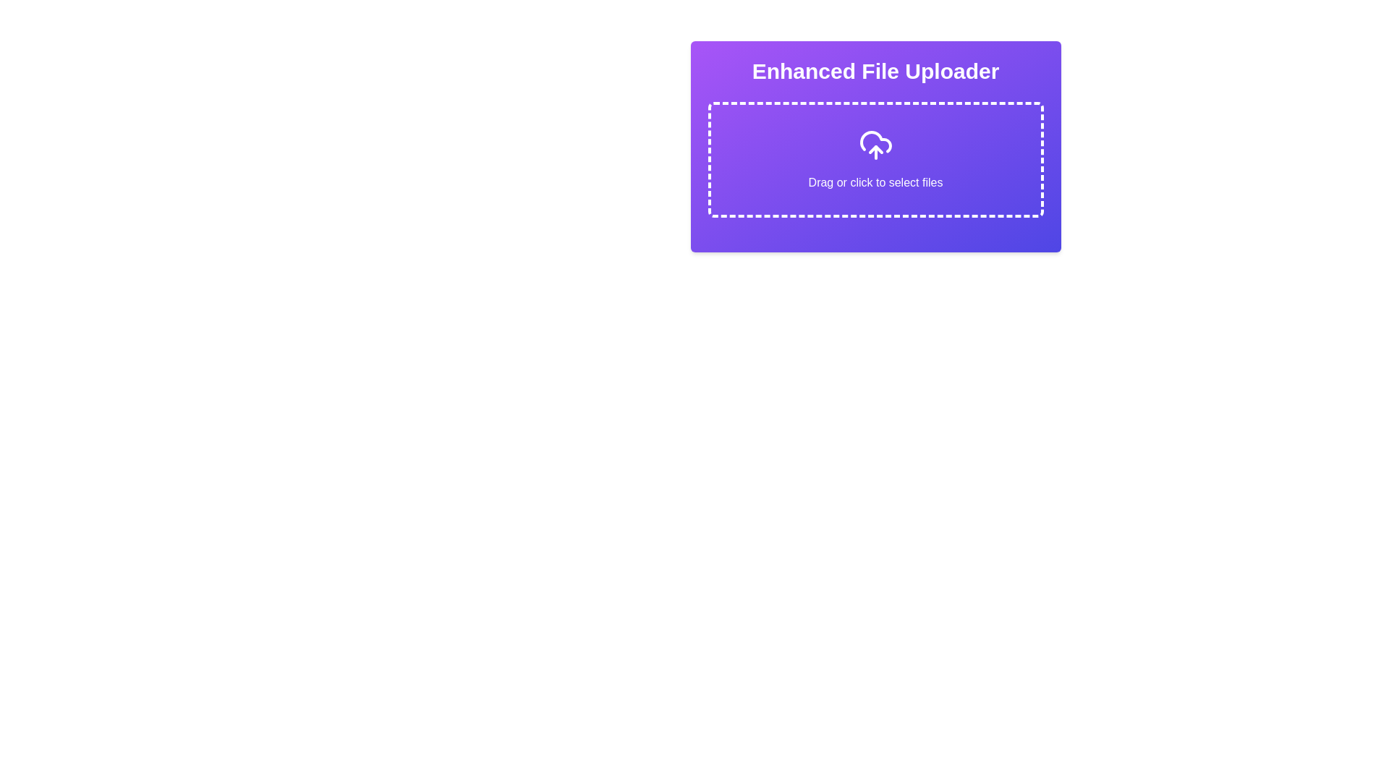 The image size is (1389, 781). I want to click on the File upload dropzone, which is a bordered, dashed rectangular area with rounded corners, featuring a cloud graphic and the text 'Drag or click, so click(875, 159).